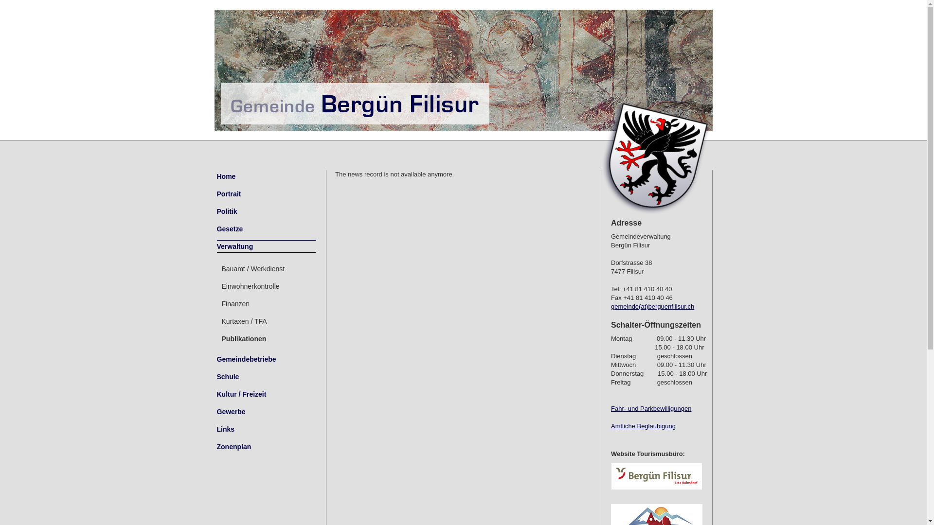 The width and height of the screenshot is (934, 525). Describe the element at coordinates (651, 408) in the screenshot. I see `'Fahr- und Parkbewilligungen'` at that location.